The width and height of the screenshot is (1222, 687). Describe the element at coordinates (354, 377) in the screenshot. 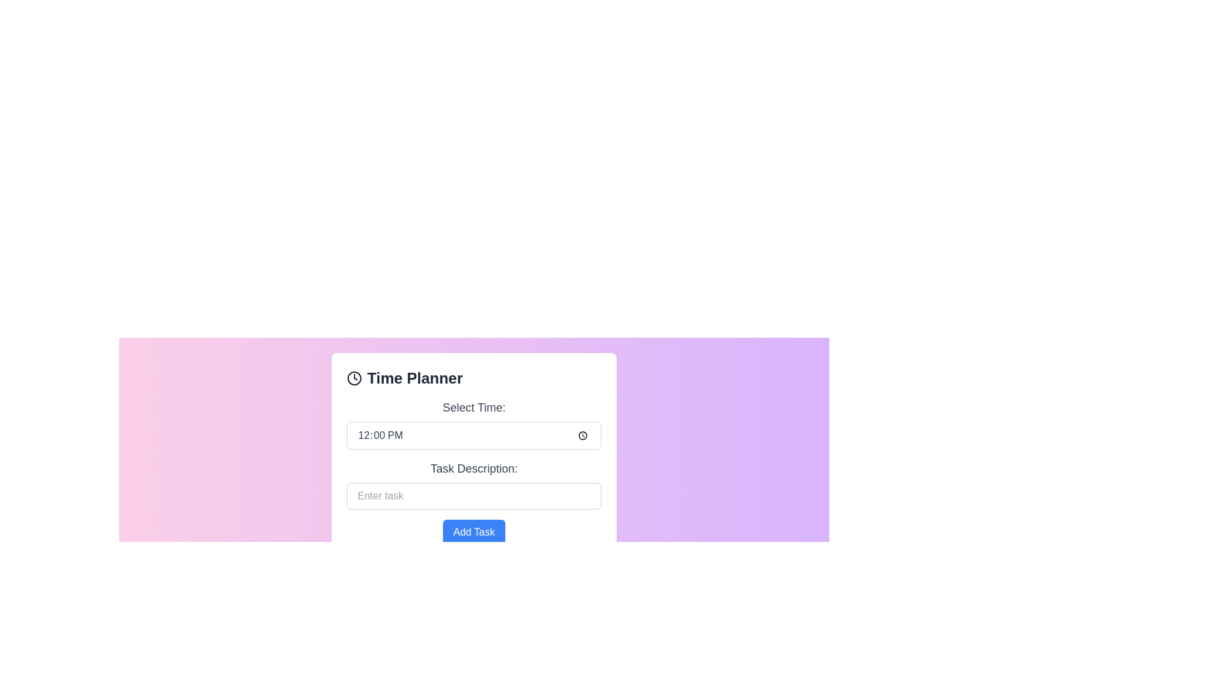

I see `the Decorative Circle, which is part of the clock icon decoration located to the left of the 'Time Planner' heading` at that location.